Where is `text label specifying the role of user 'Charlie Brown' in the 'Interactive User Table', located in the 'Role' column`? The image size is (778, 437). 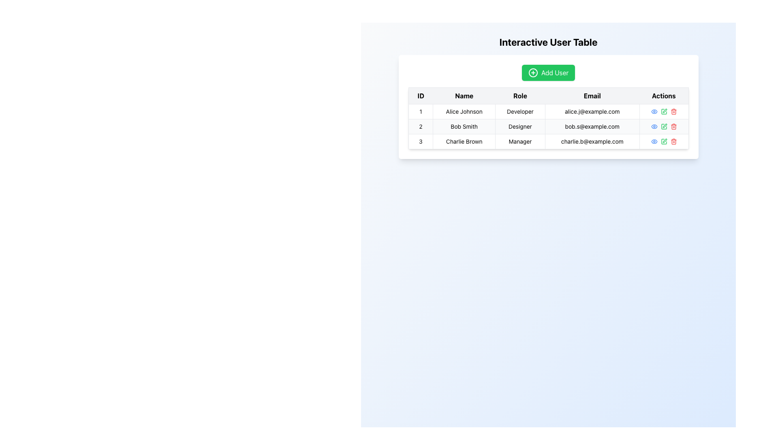
text label specifying the role of user 'Charlie Brown' in the 'Interactive User Table', located in the 'Role' column is located at coordinates (520, 141).